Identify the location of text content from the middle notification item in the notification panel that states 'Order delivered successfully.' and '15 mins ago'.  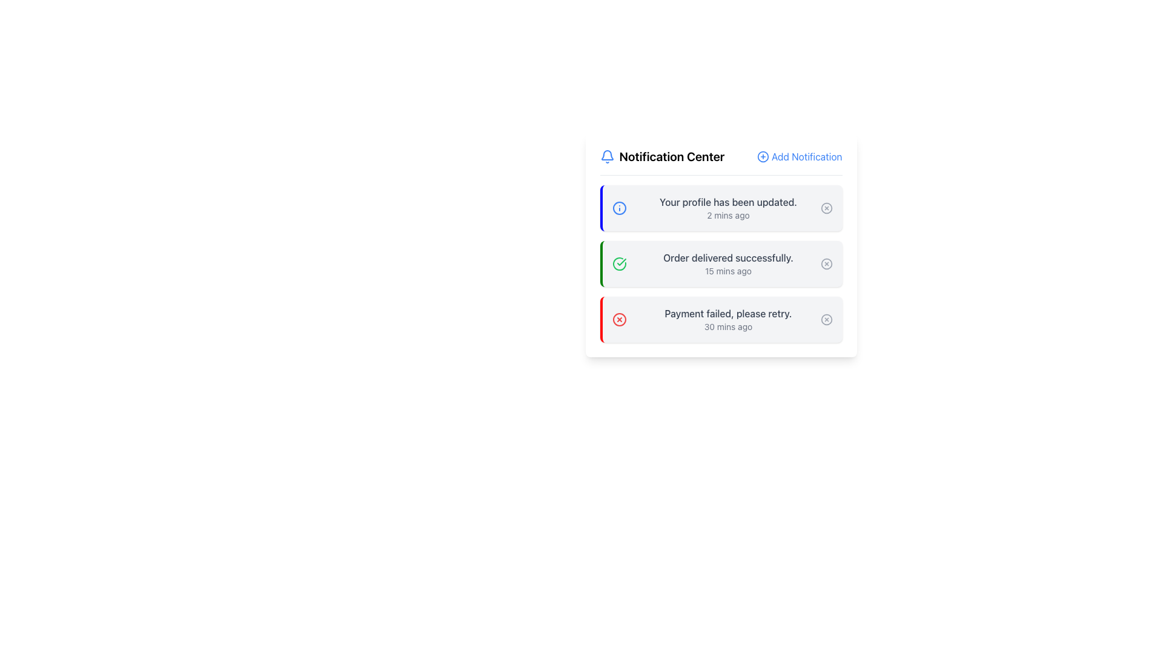
(727, 263).